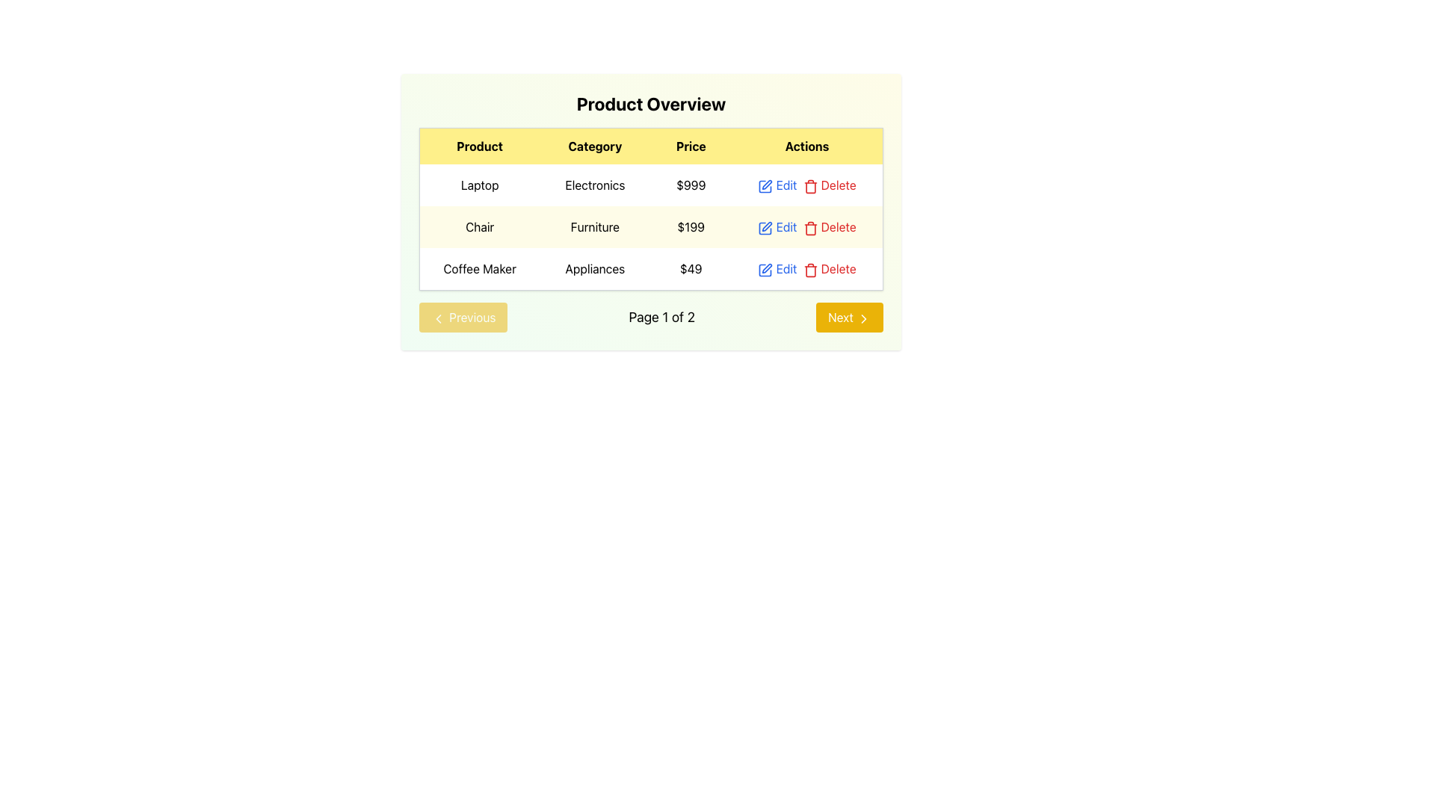 The width and height of the screenshot is (1435, 807). I want to click on the Edit icon button located in the first row of the 'Actions' column under the 'Product Overview' heading, so click(765, 185).